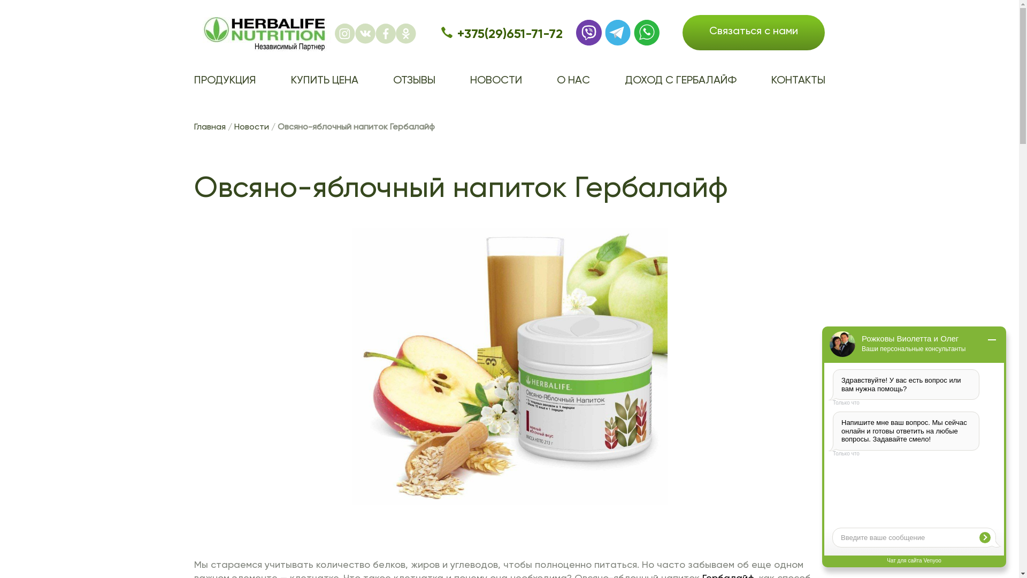  I want to click on '+375(29)651-71-72', so click(509, 32).